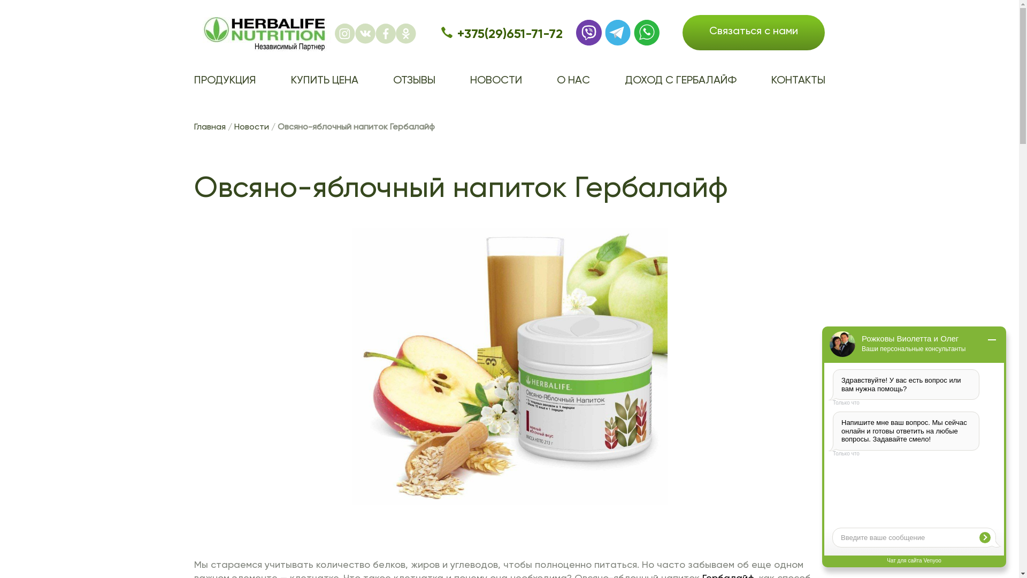  I want to click on '+375(29)651-71-72', so click(509, 32).